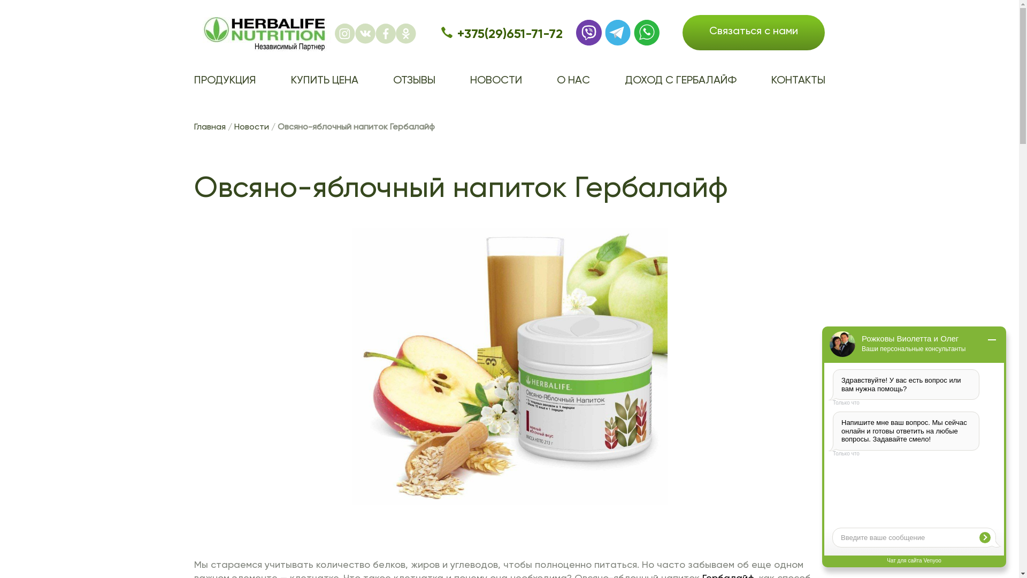  I want to click on '+375(29)651-71-72', so click(509, 32).